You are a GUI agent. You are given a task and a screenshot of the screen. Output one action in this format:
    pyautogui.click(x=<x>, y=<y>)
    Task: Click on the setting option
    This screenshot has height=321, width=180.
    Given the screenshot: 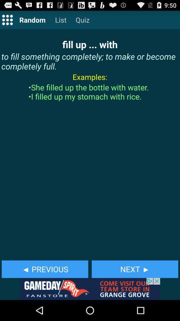 What is the action you would take?
    pyautogui.click(x=7, y=19)
    